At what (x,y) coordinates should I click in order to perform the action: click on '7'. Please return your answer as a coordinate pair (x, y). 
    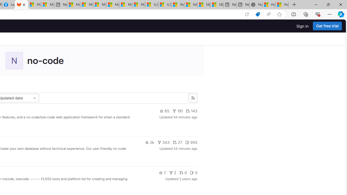
    Looking at the image, I should click on (162, 173).